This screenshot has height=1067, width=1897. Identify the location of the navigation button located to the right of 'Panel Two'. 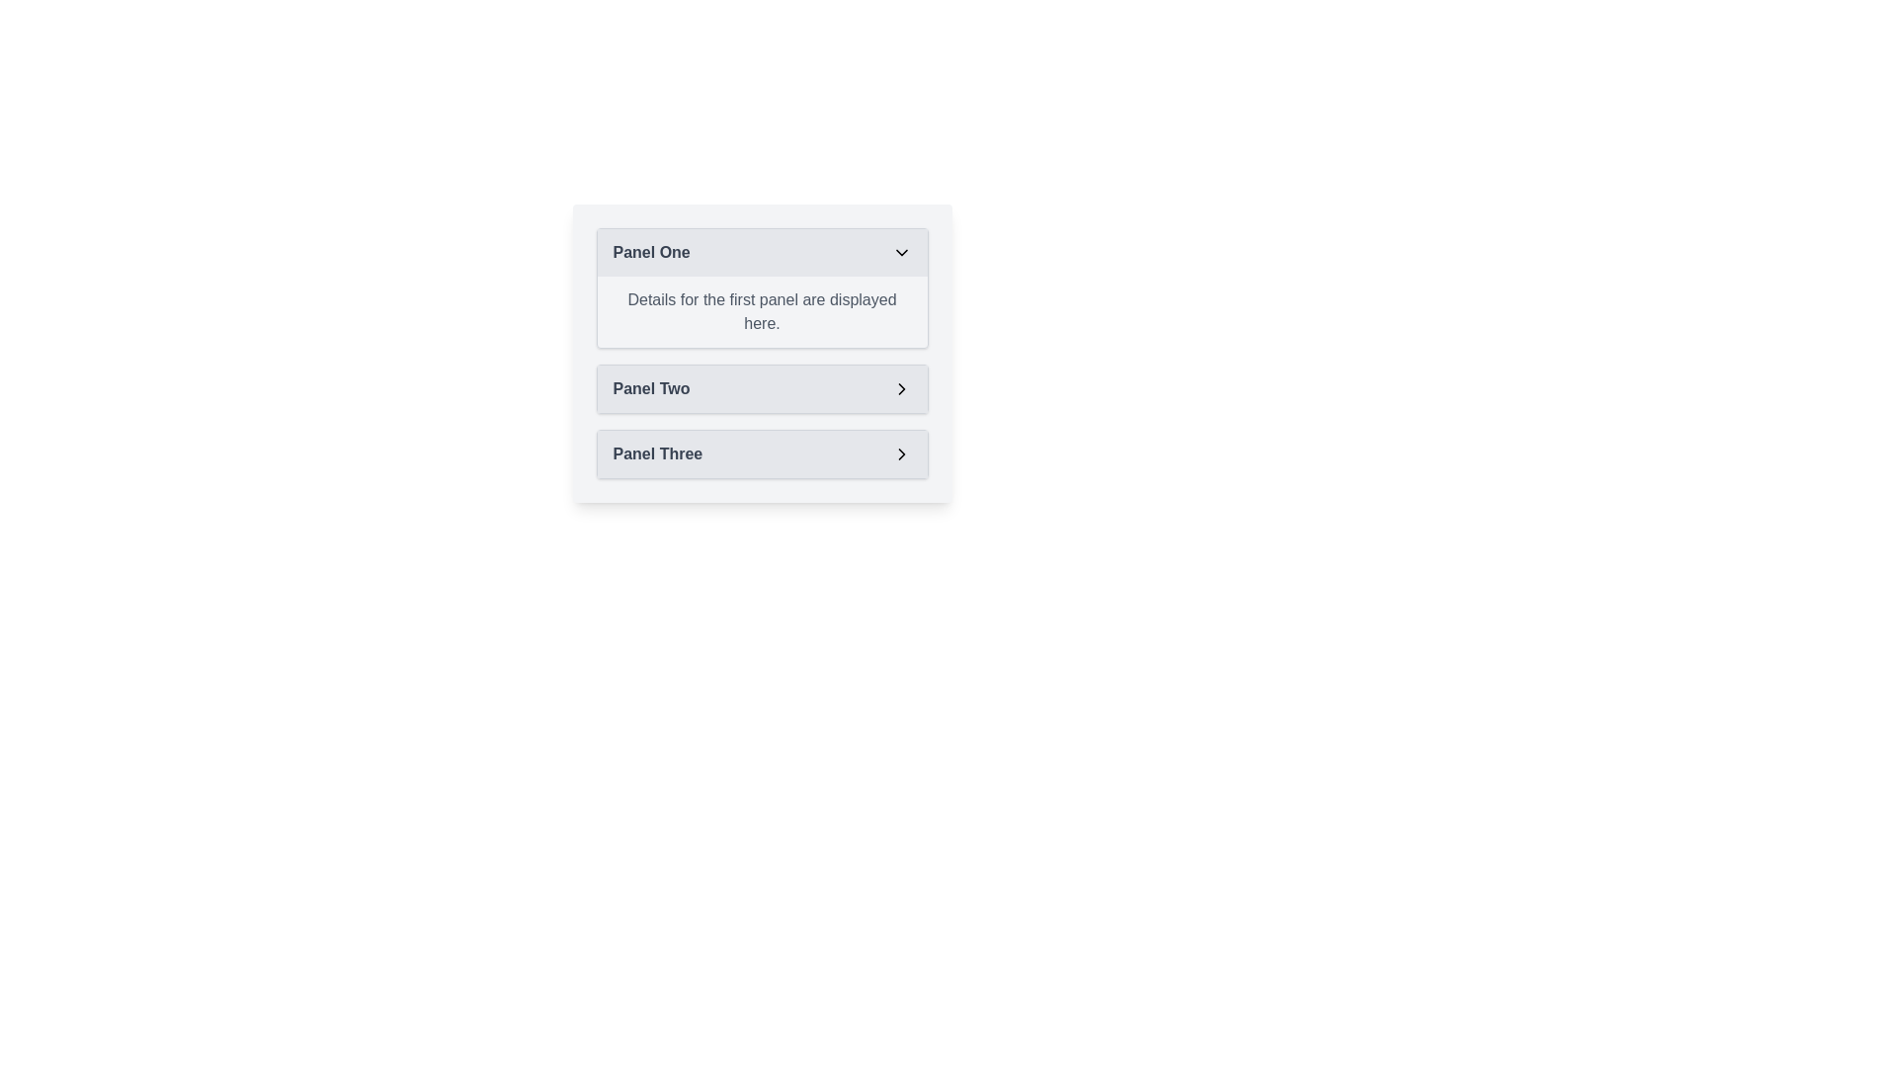
(900, 388).